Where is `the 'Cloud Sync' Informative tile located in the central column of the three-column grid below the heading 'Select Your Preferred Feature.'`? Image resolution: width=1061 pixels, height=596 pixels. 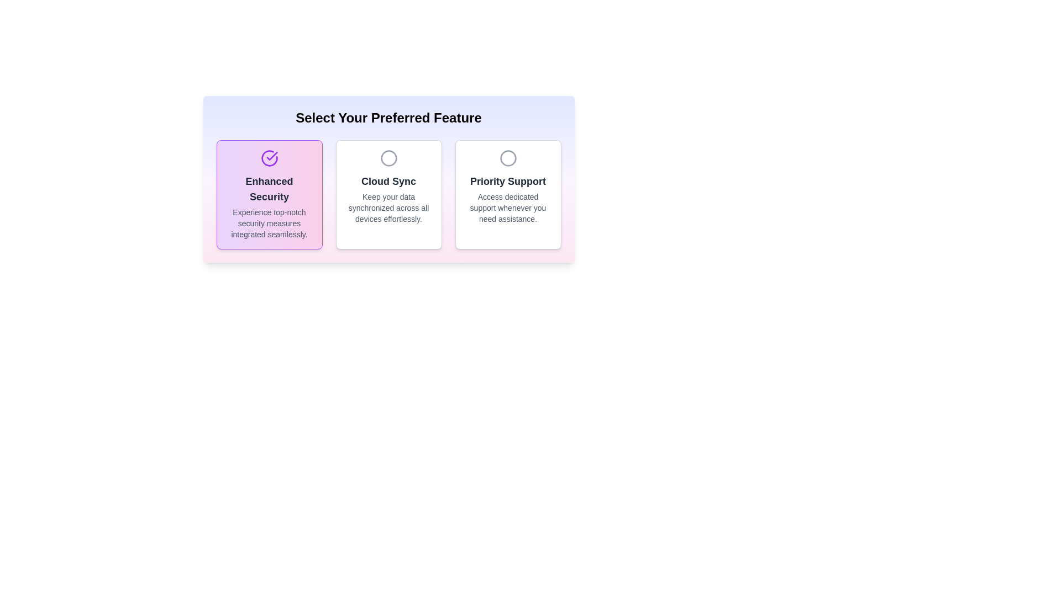
the 'Cloud Sync' Informative tile located in the central column of the three-column grid below the heading 'Select Your Preferred Feature.' is located at coordinates (388, 194).